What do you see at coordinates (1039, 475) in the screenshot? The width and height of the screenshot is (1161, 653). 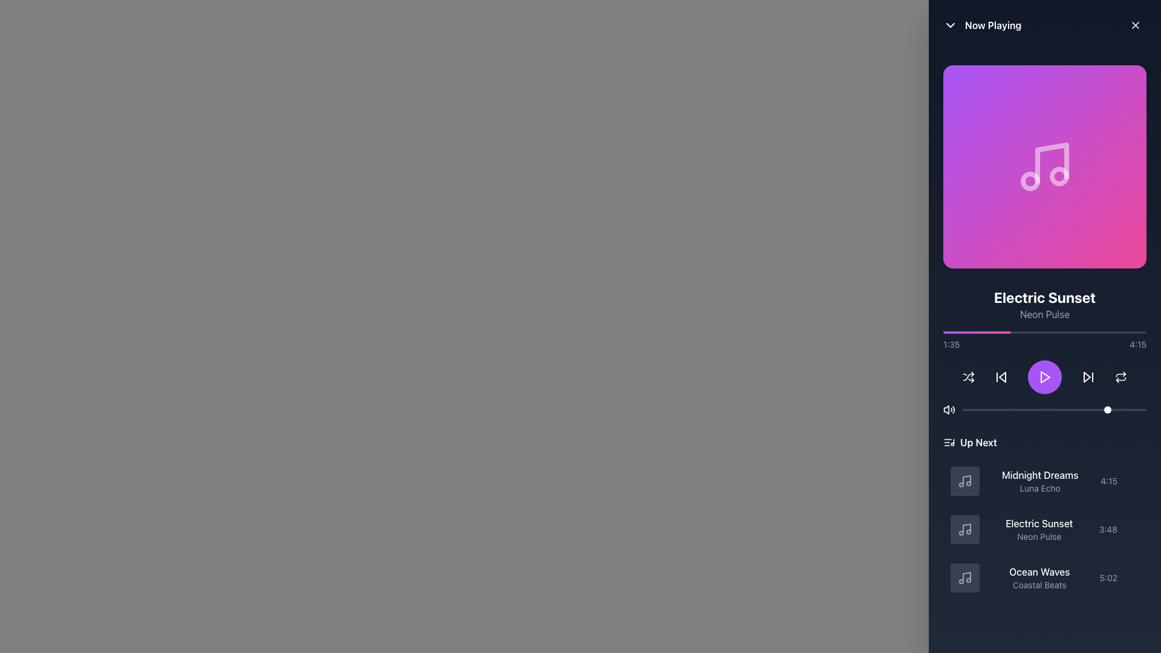 I see `title 'Midnight Dreams' from the text label located in the 'Up Next' section above 'Luna Echo'` at bounding box center [1039, 475].